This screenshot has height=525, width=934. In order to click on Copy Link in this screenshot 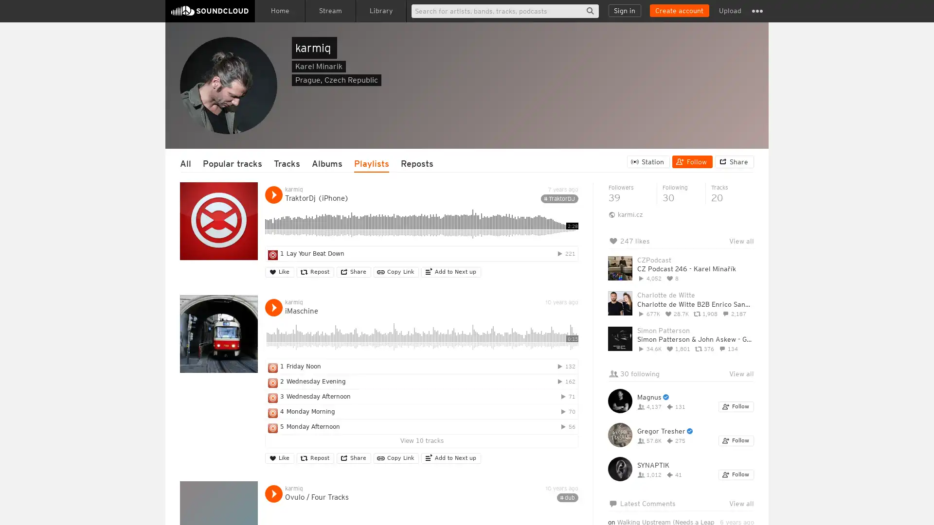, I will do `click(396, 272)`.